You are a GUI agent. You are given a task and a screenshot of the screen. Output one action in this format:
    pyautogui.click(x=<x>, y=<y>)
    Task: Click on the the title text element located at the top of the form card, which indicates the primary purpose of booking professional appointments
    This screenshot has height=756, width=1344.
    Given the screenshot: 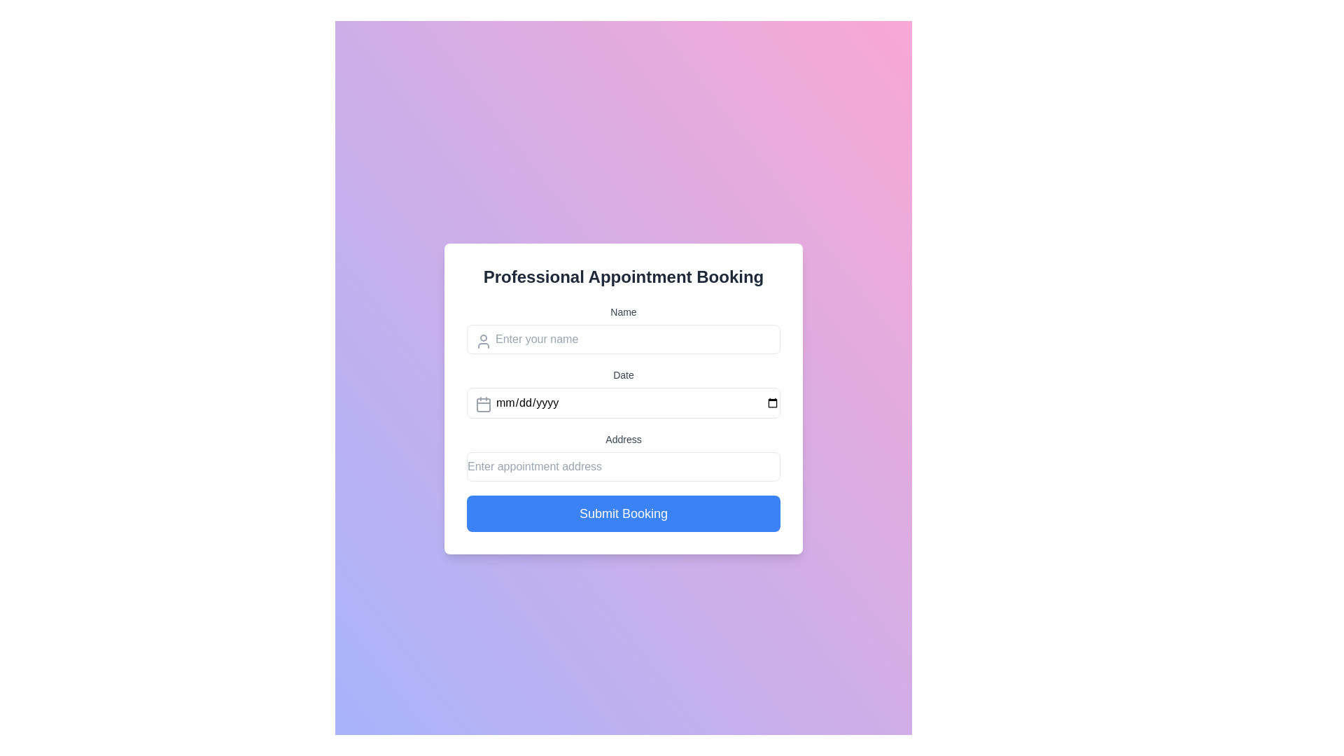 What is the action you would take?
    pyautogui.click(x=623, y=277)
    